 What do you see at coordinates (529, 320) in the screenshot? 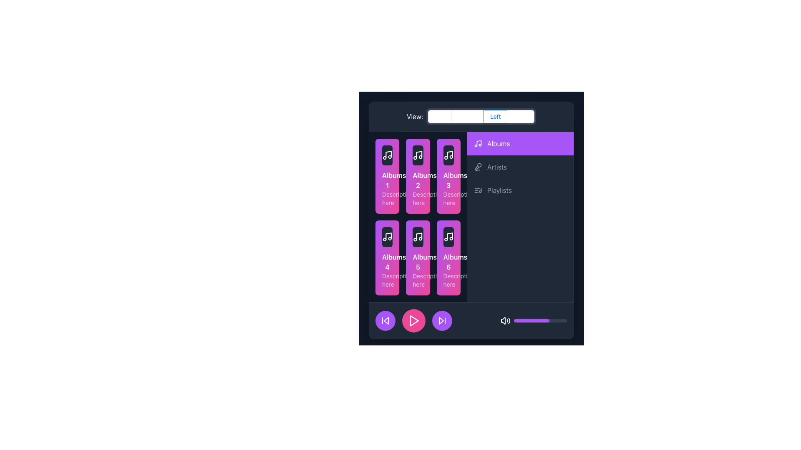
I see `the volume level` at bounding box center [529, 320].